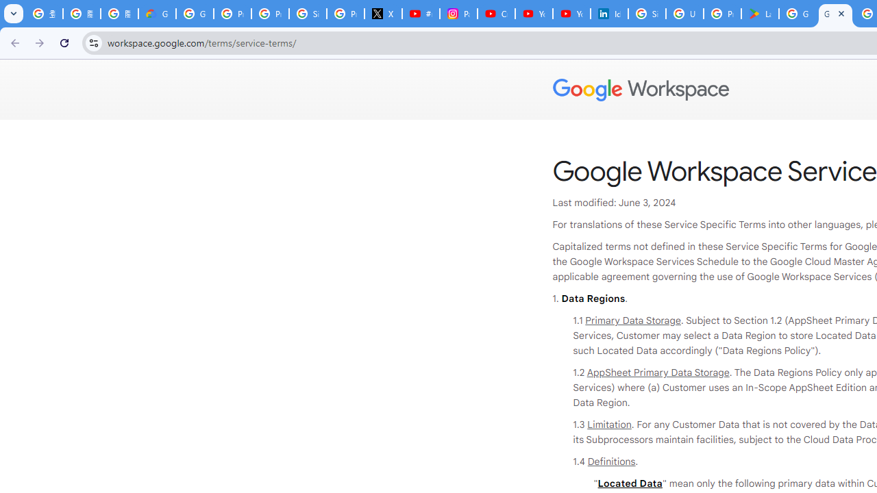  I want to click on 'YouTube Culture & Trends - YouTube Top 10, 2021', so click(571, 14).